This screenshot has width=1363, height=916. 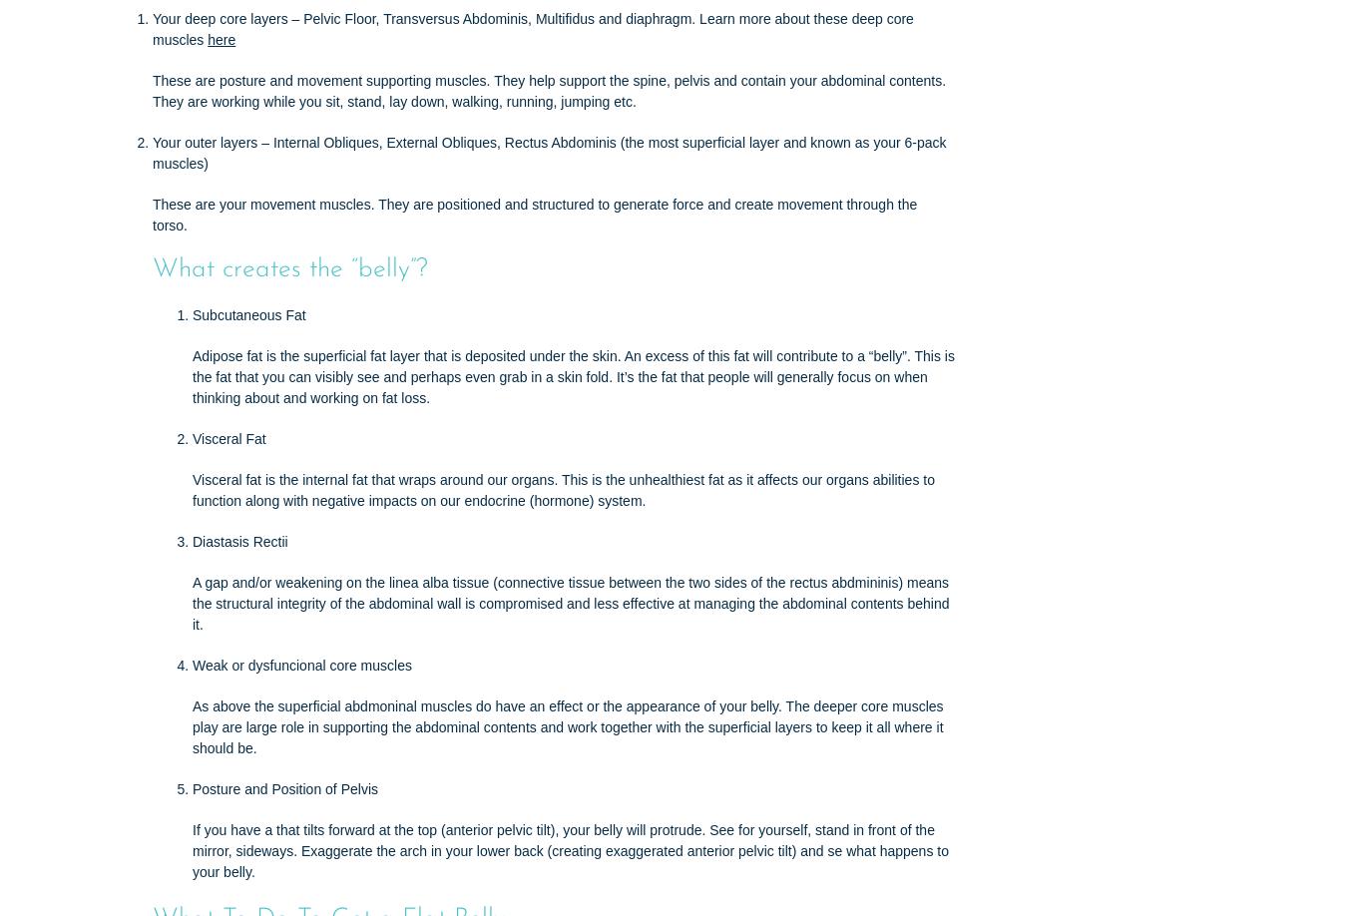 What do you see at coordinates (535, 214) in the screenshot?
I see `'These are your movement muscles. They are positioned and structured to generate force and create movement through the torso.'` at bounding box center [535, 214].